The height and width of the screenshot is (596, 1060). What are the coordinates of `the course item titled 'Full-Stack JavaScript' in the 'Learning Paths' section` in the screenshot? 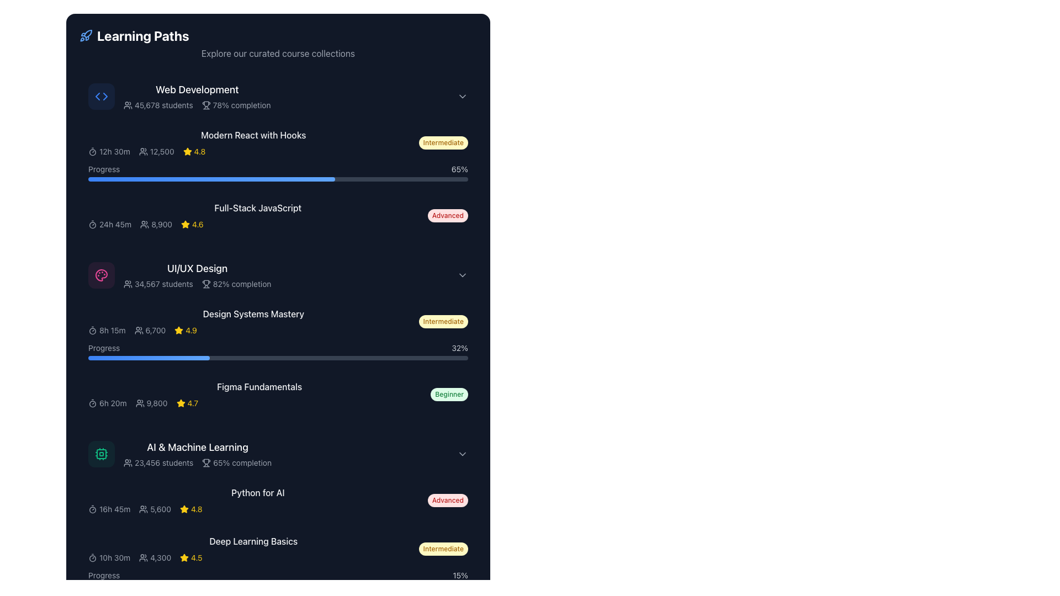 It's located at (257, 215).